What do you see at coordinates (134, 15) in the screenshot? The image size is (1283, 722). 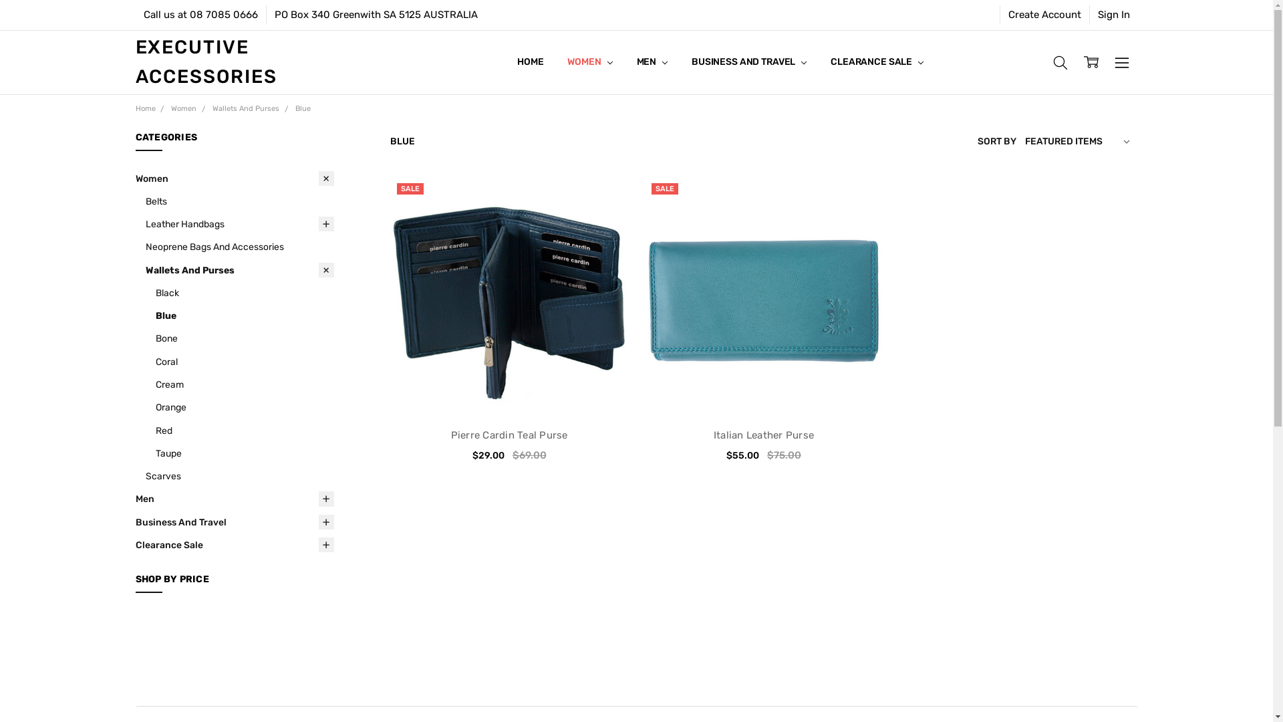 I see `'Call us at 08 7085 0666'` at bounding box center [134, 15].